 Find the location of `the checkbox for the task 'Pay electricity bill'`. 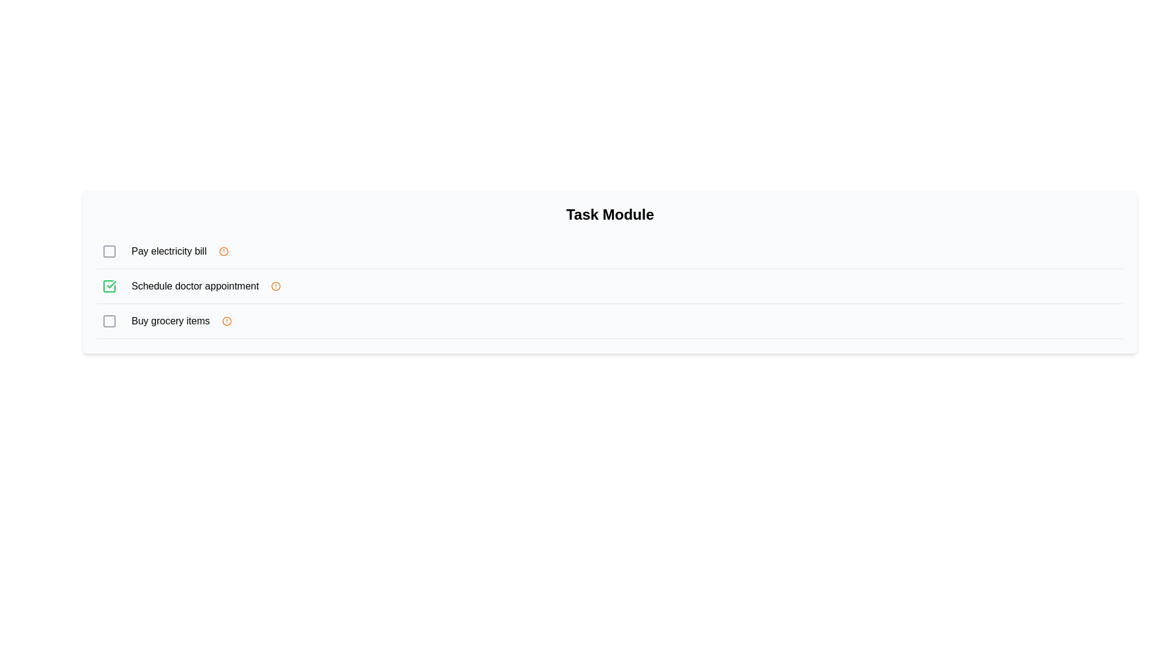

the checkbox for the task 'Pay electricity bill' is located at coordinates (109, 251).